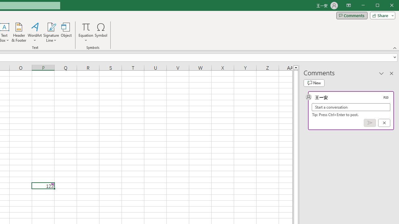 The image size is (399, 224). I want to click on 'Comments', so click(352, 15).